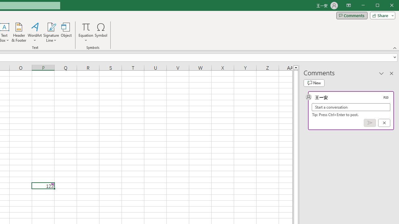 The image size is (399, 224). I want to click on 'Comments', so click(352, 15).